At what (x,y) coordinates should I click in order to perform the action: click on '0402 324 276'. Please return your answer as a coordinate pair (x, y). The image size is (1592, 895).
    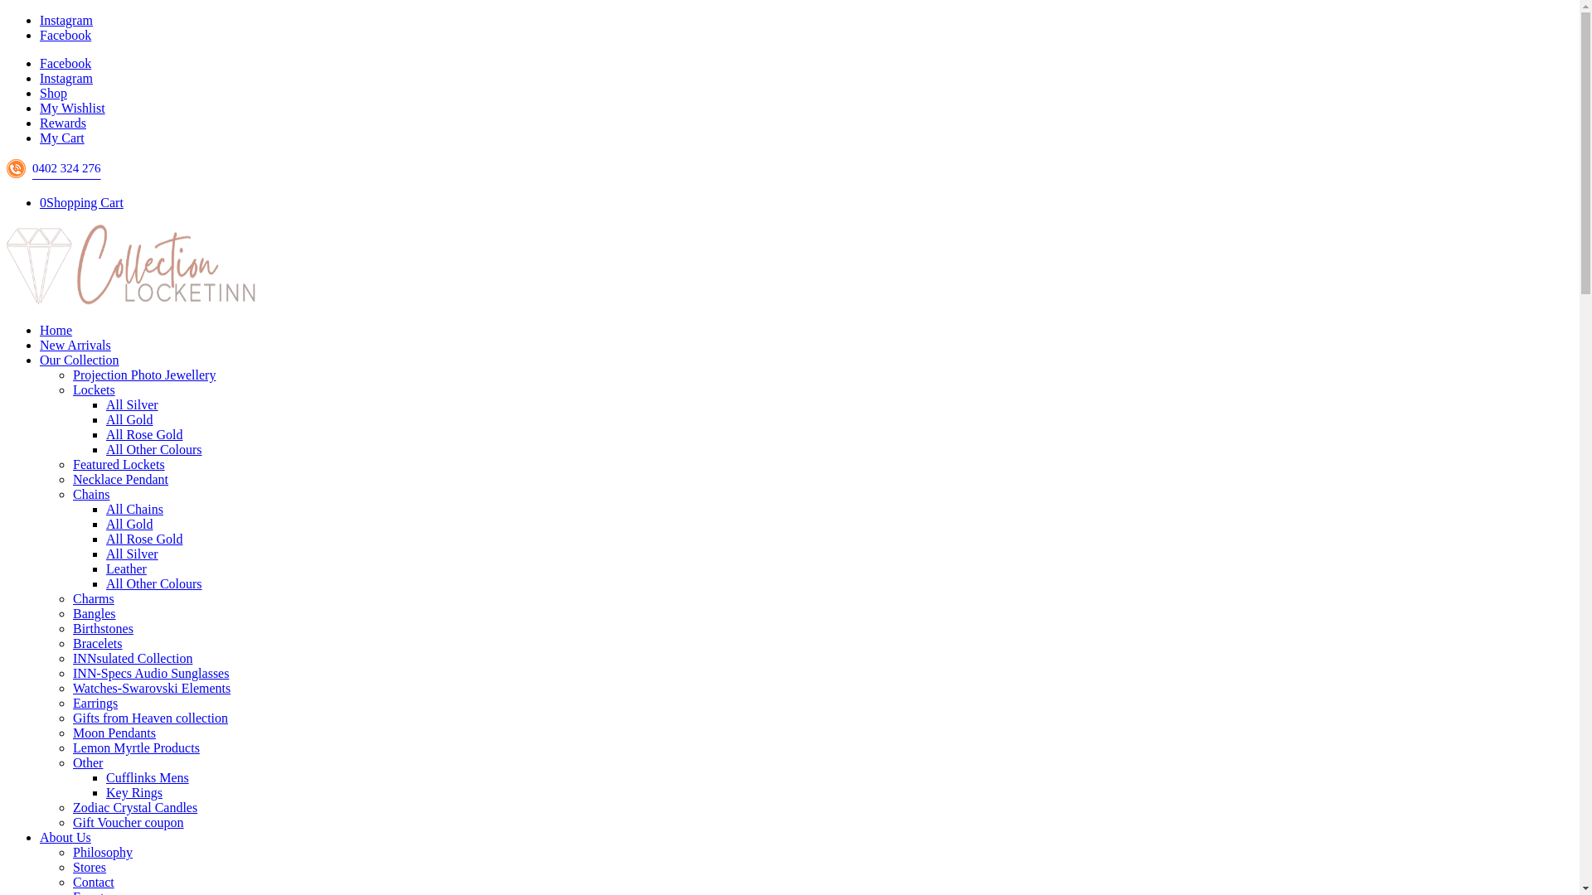
    Looking at the image, I should click on (66, 173).